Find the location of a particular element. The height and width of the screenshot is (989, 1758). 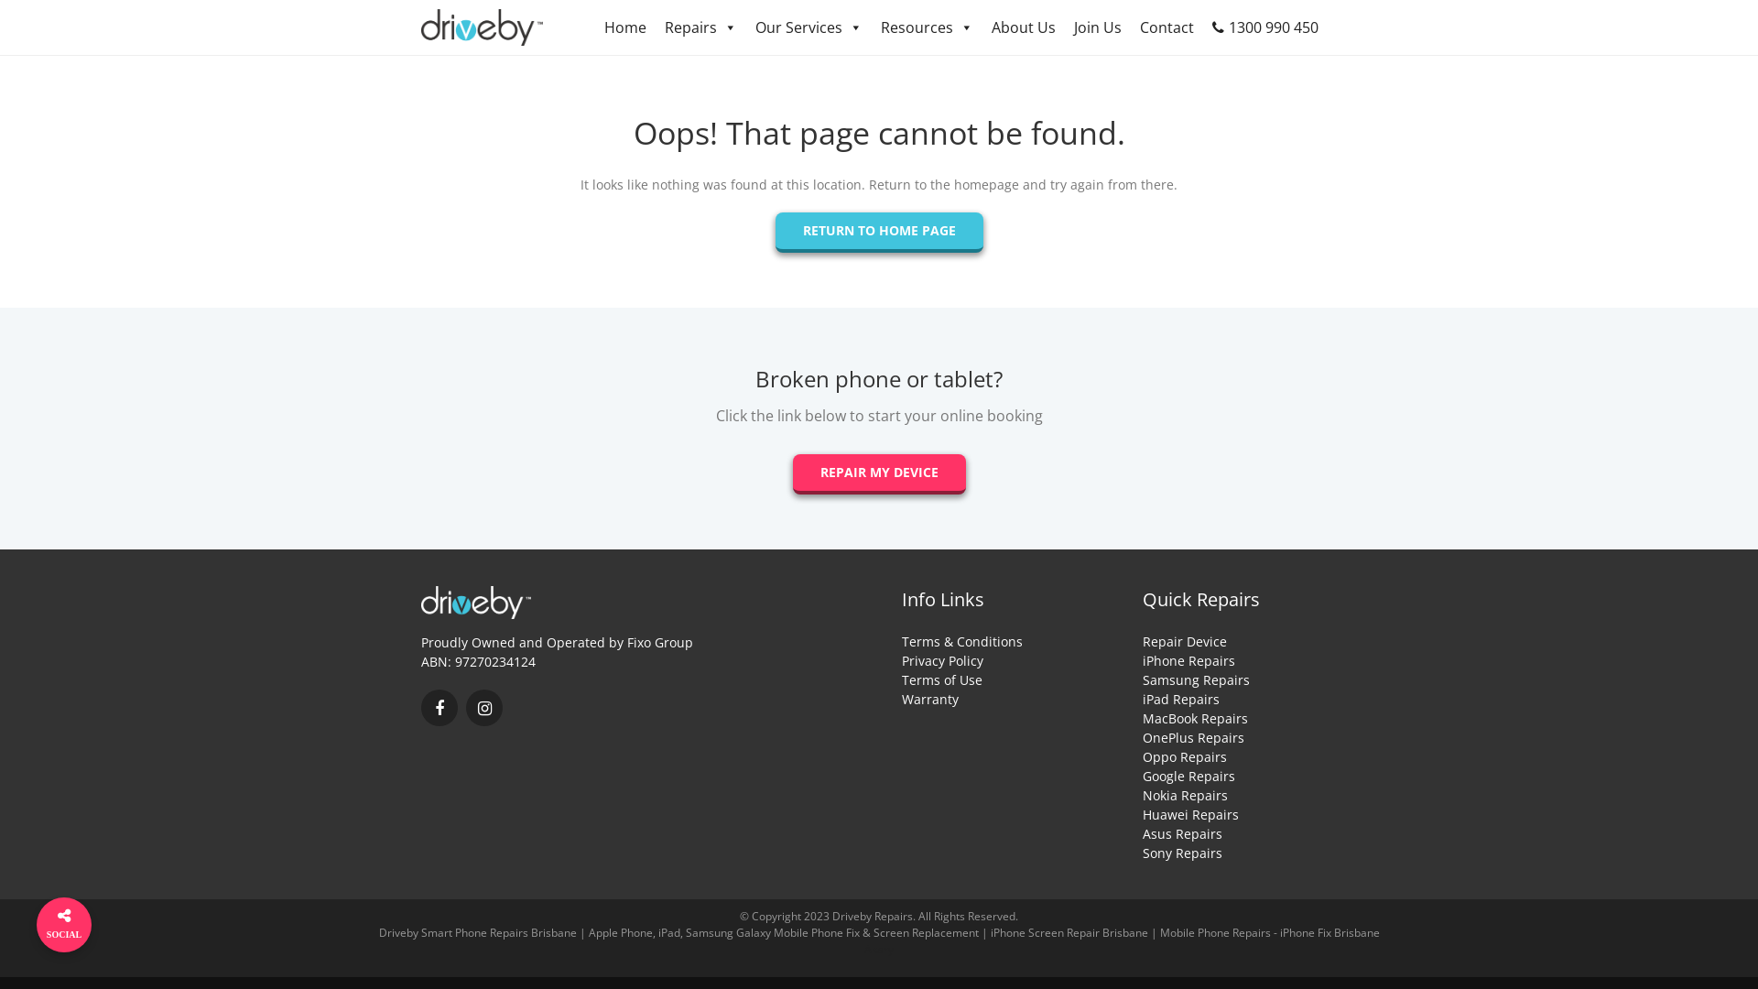

'RETURN TO HOME PAGE' is located at coordinates (877, 232).